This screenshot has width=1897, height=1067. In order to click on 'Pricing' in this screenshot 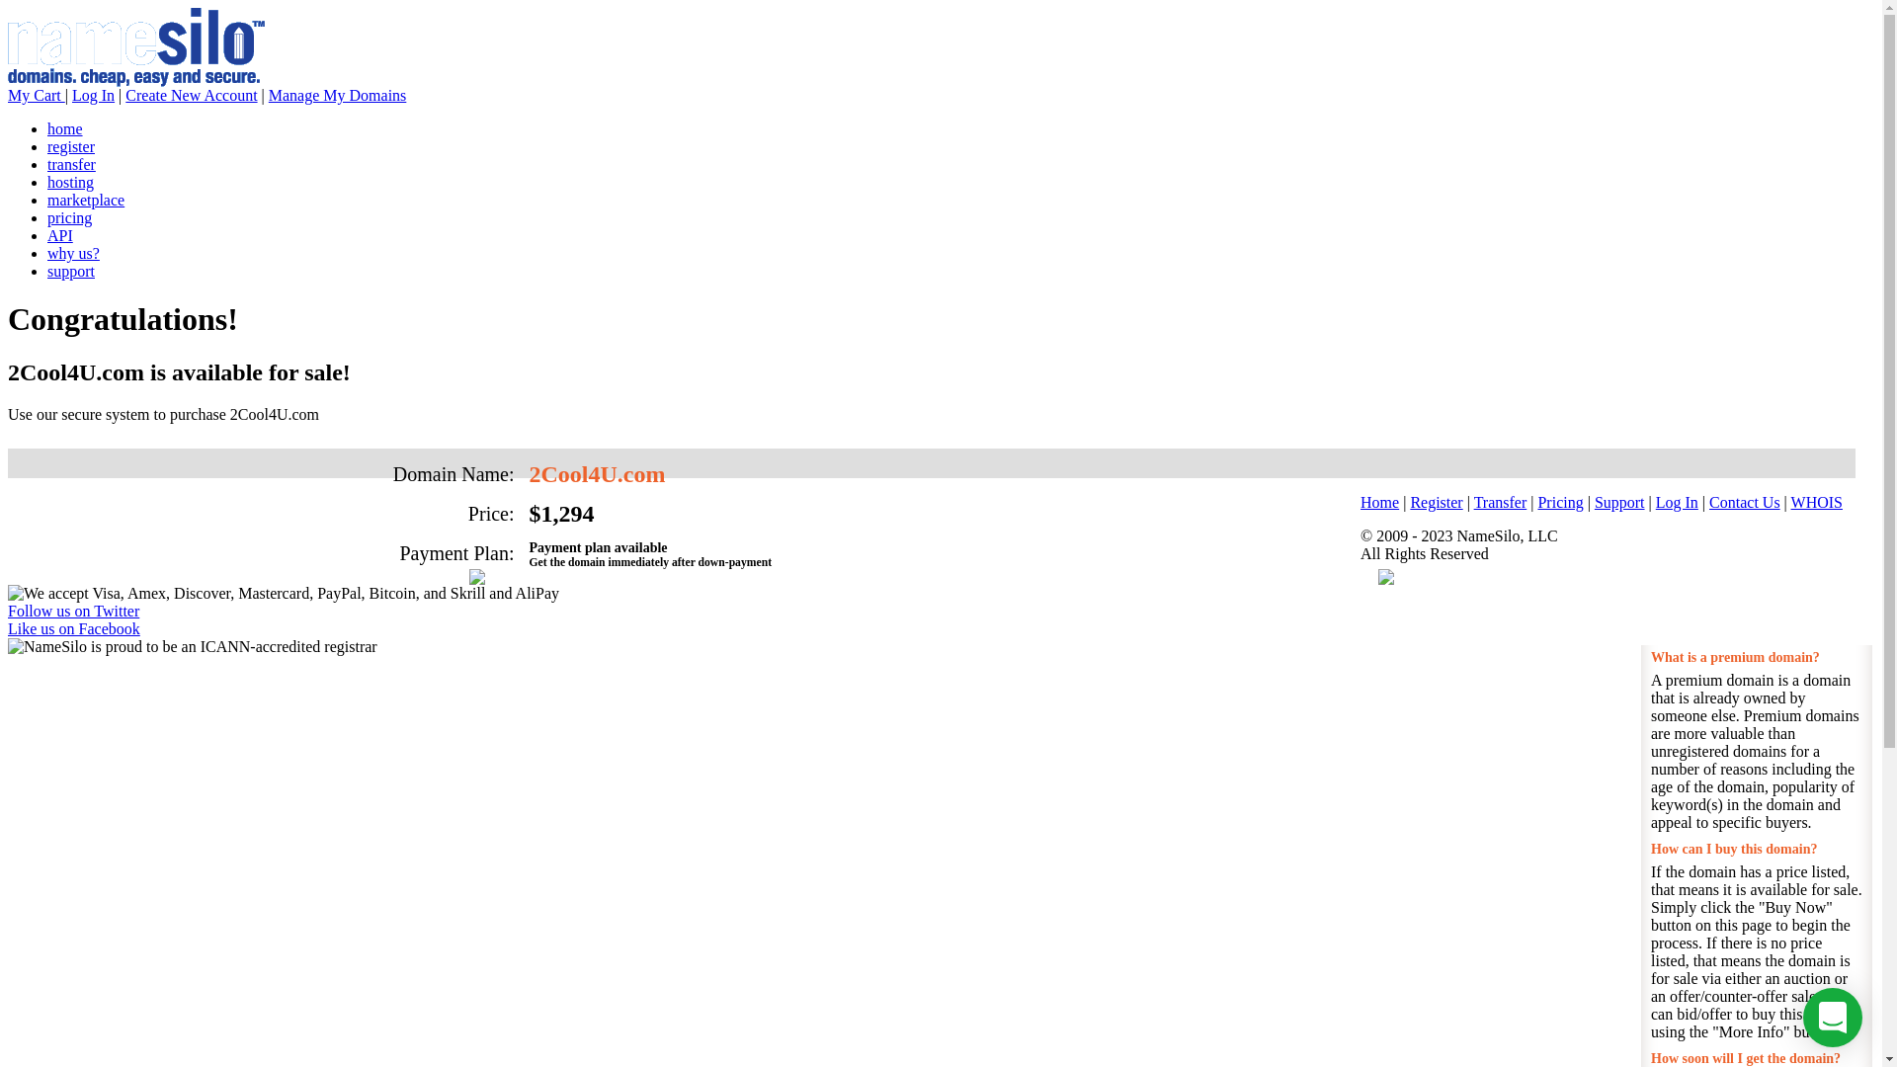, I will do `click(1559, 501)`.